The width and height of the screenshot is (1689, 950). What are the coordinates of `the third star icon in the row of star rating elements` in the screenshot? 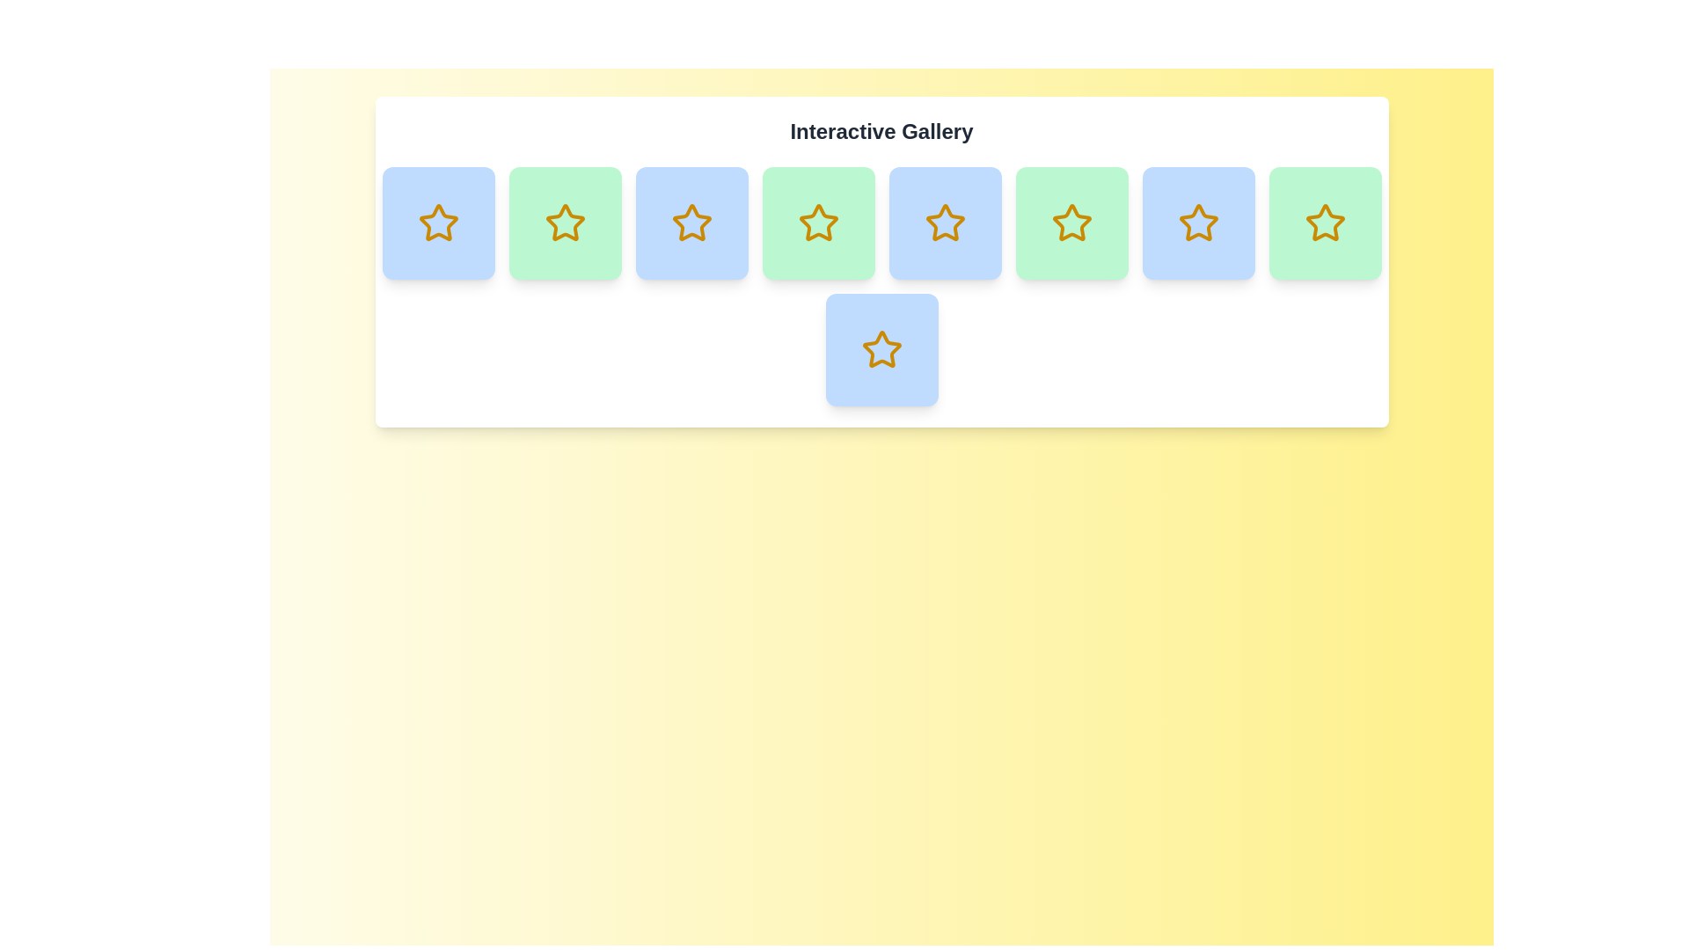 It's located at (691, 222).